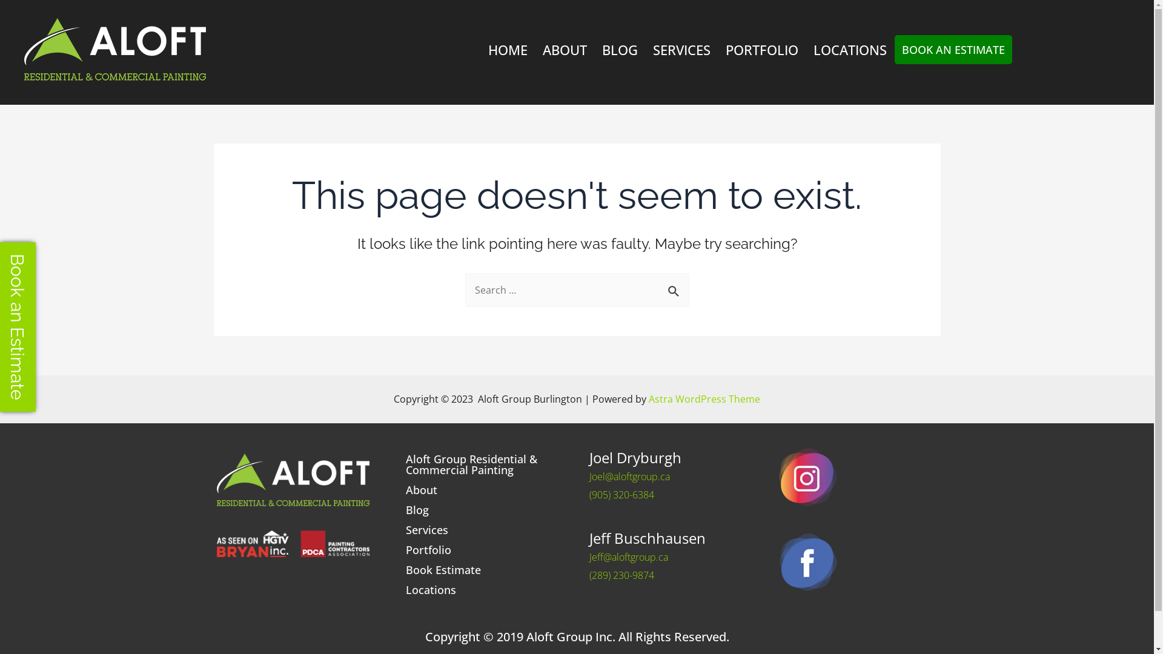  What do you see at coordinates (621, 495) in the screenshot?
I see `'(905) 320-6384'` at bounding box center [621, 495].